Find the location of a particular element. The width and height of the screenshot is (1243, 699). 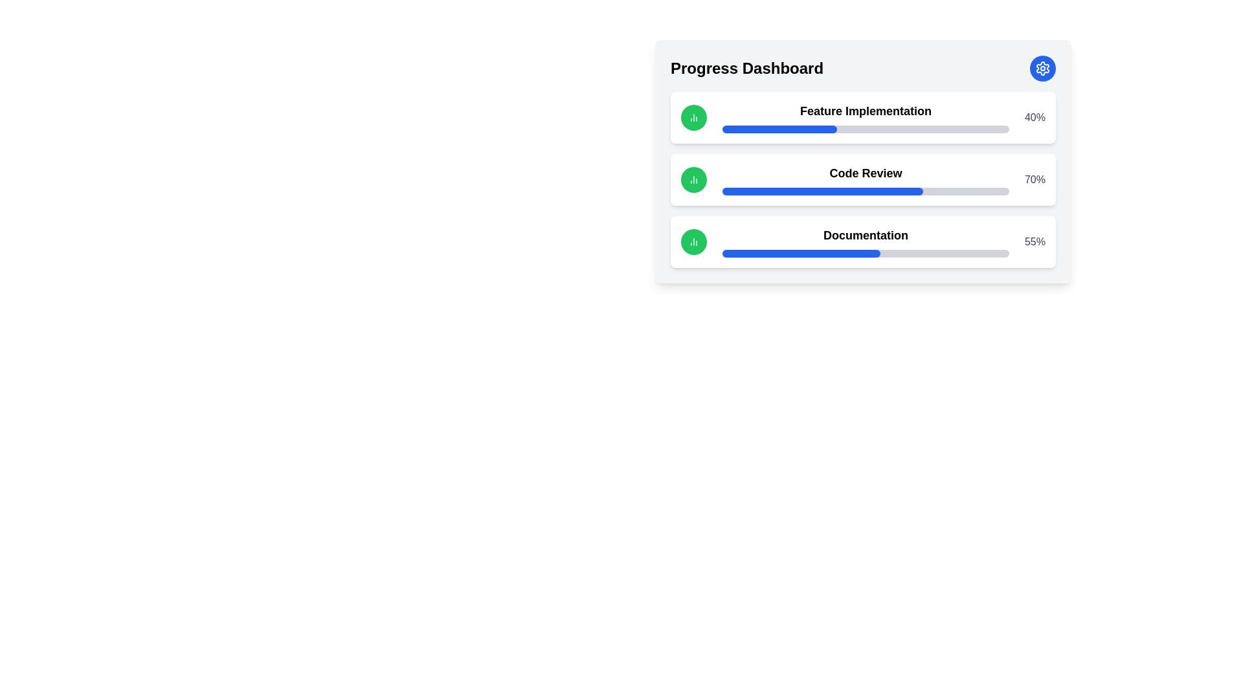

text label displaying '70%' aligned to the right side of the 'Code Review' progress bar is located at coordinates (1034, 179).